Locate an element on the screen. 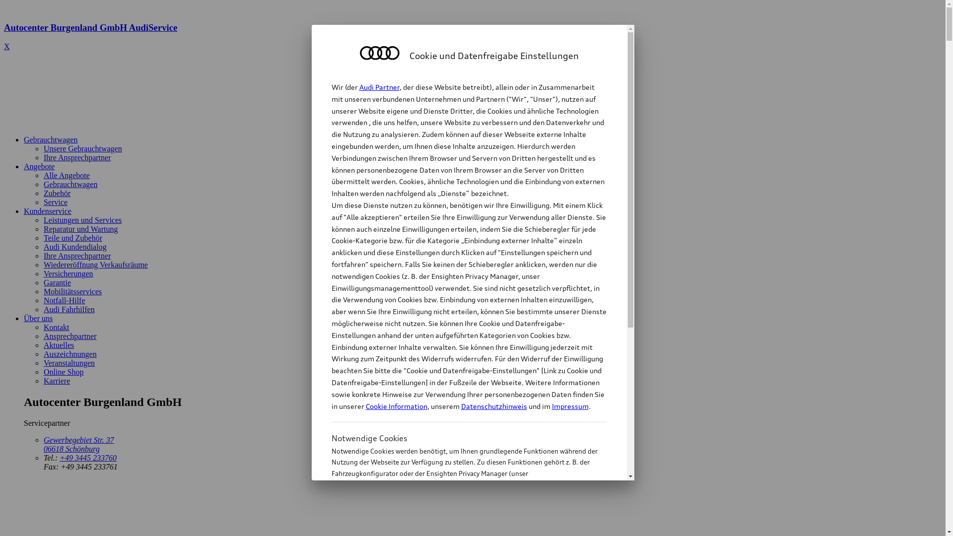 The image size is (953, 536). 'Cookie Information' is located at coordinates (331, 522).